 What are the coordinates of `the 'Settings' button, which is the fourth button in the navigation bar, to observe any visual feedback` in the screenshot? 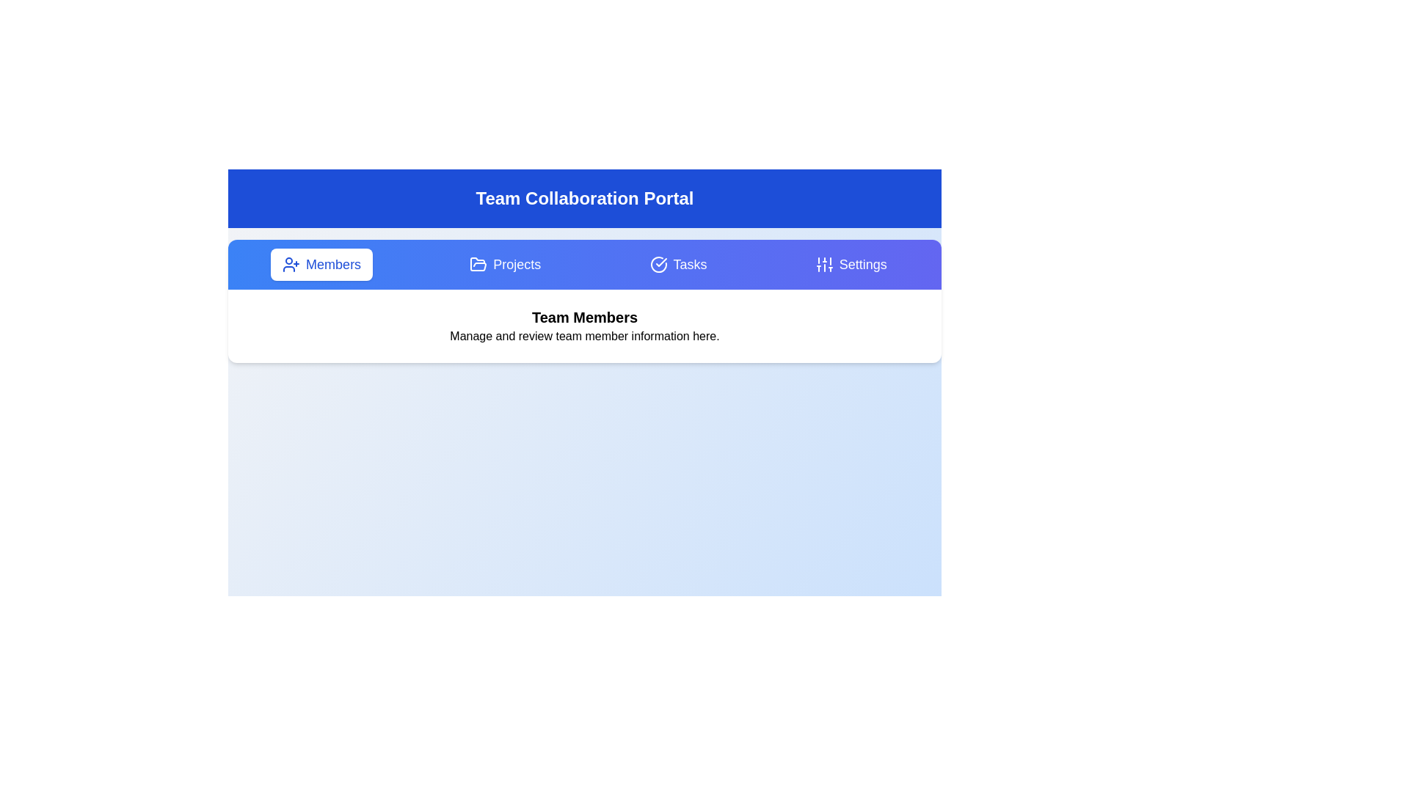 It's located at (851, 265).